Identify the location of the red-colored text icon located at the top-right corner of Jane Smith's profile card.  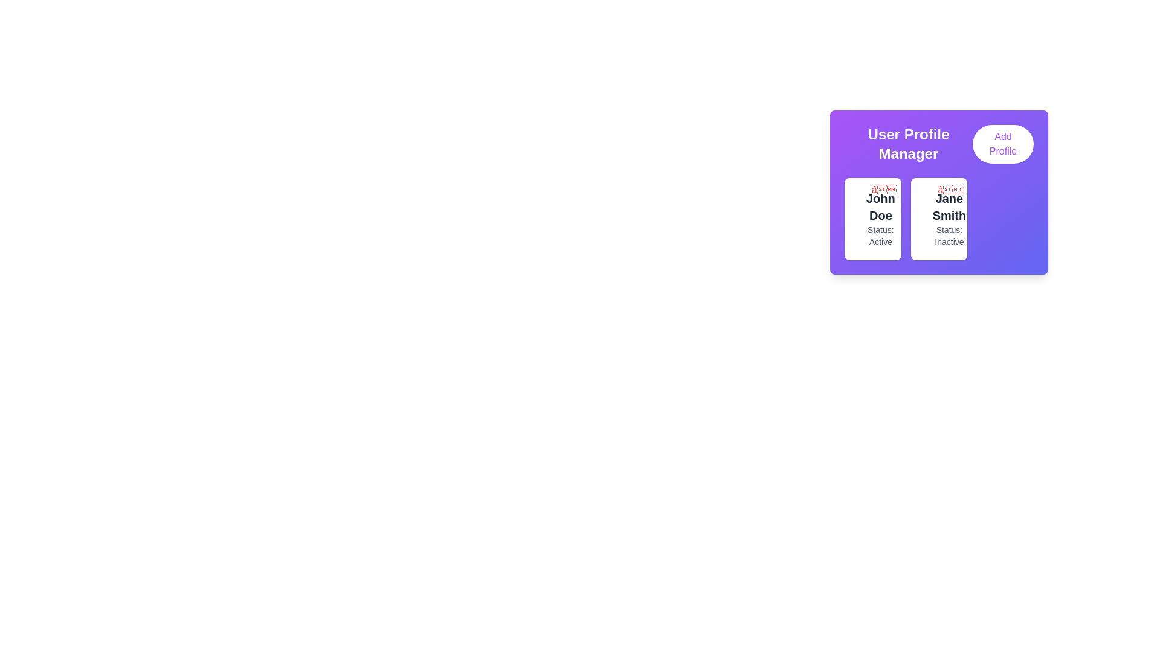
(949, 190).